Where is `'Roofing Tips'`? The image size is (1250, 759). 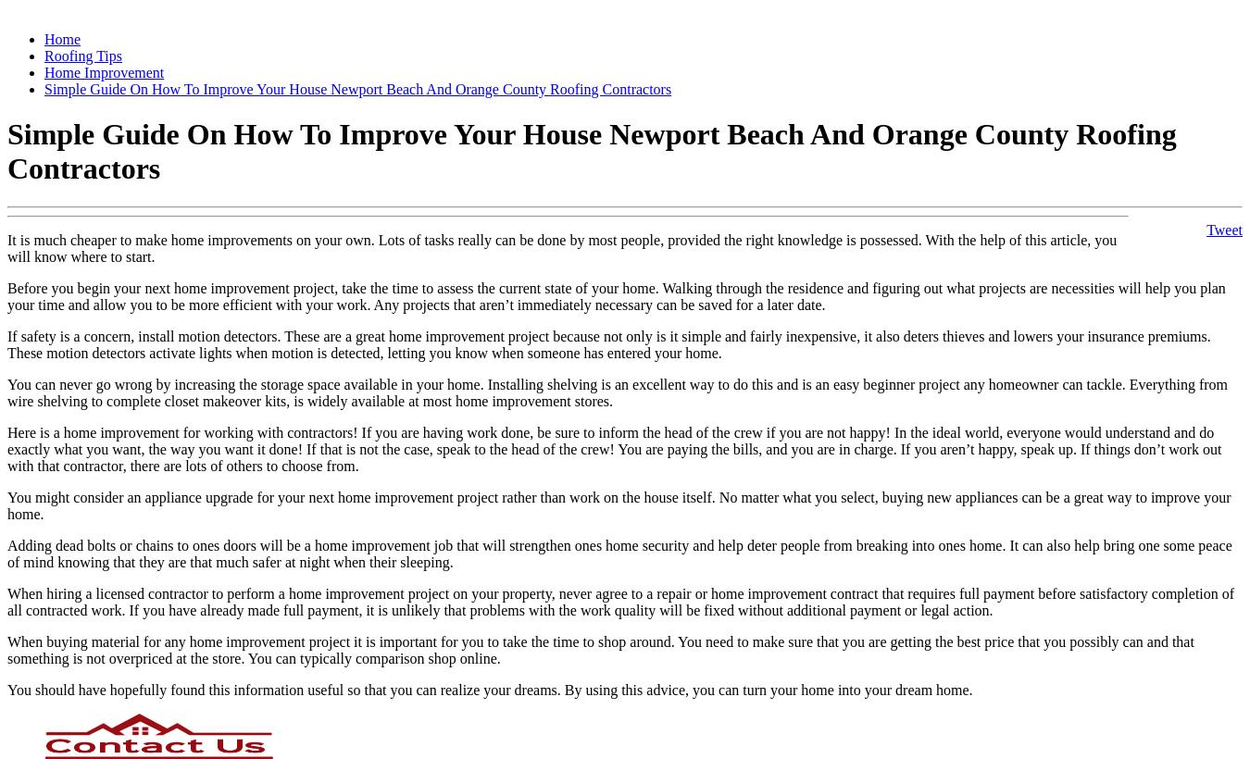 'Roofing Tips' is located at coordinates (82, 56).